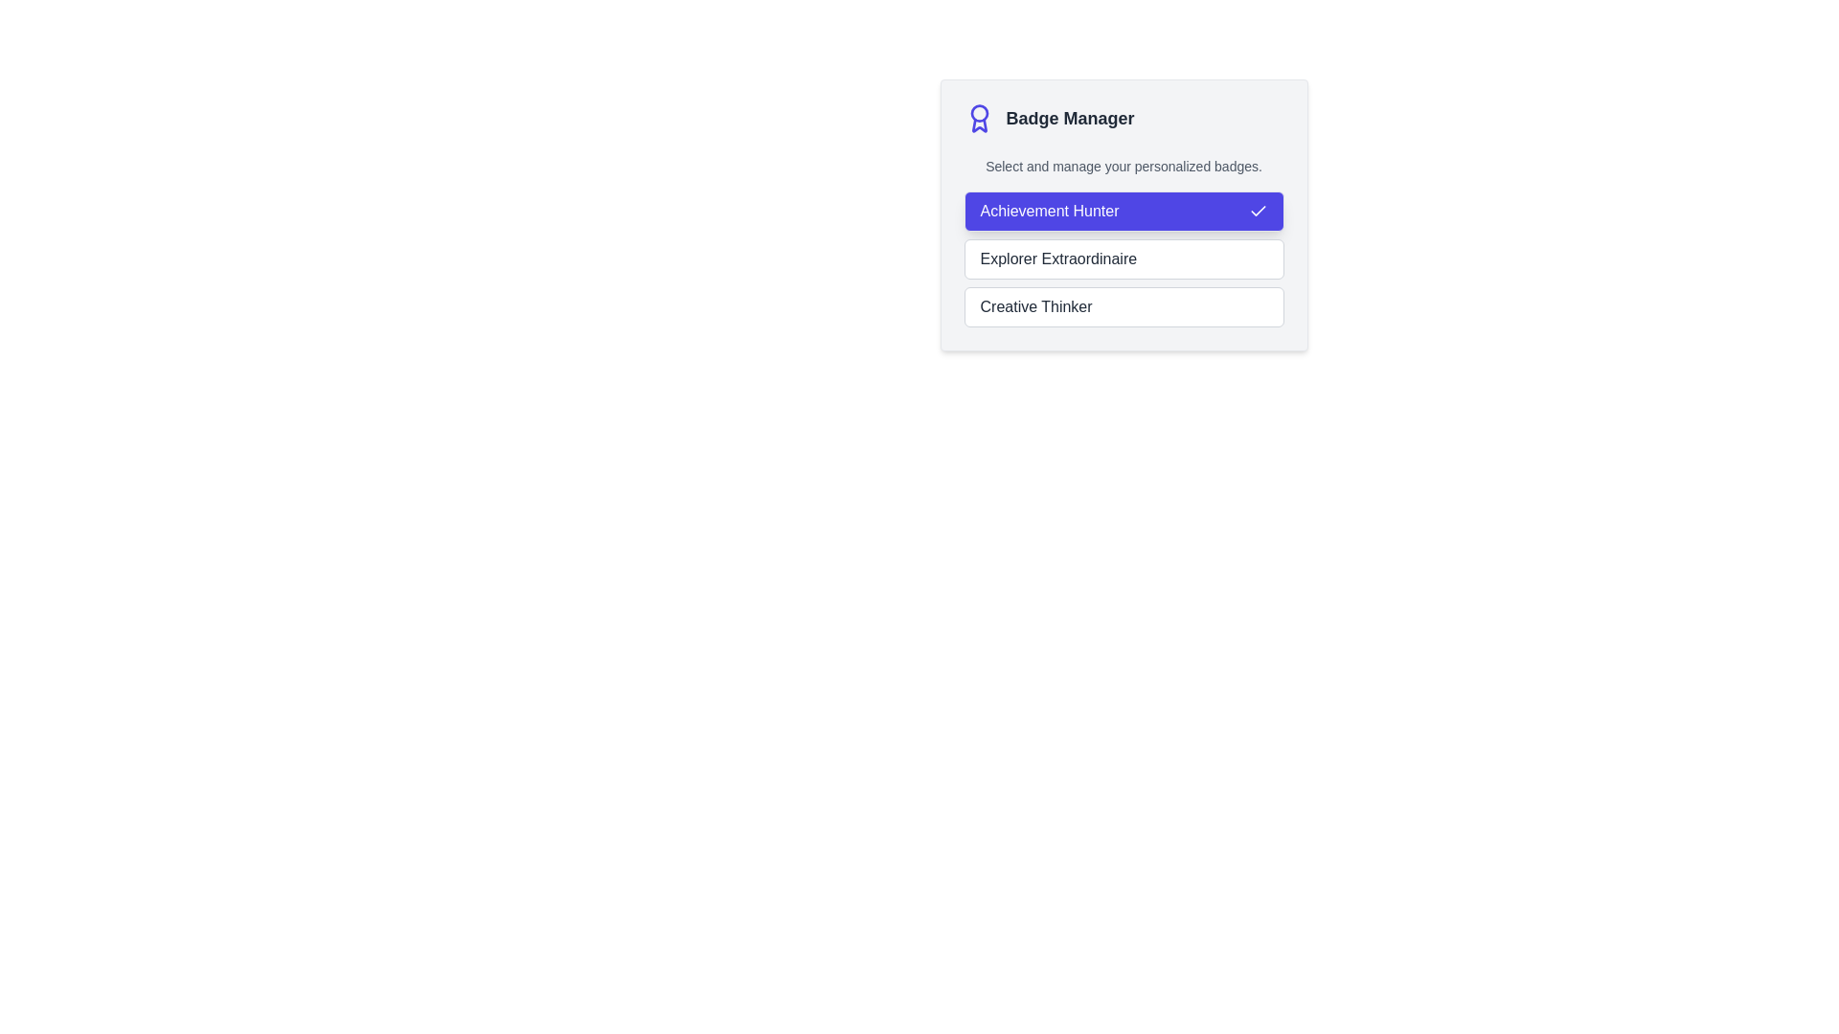  What do you see at coordinates (979, 125) in the screenshot?
I see `the leaf-like decorative icon in the SVG badge located to the left of the 'Badge Manager' heading` at bounding box center [979, 125].